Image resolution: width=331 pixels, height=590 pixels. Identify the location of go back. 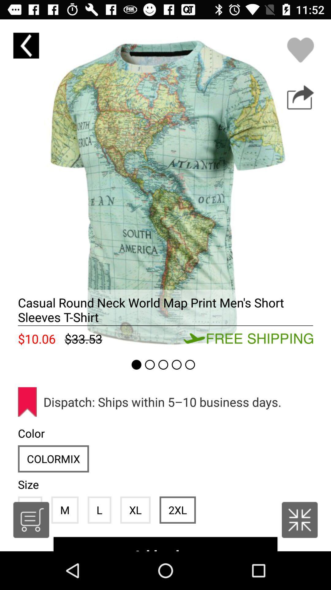
(26, 45).